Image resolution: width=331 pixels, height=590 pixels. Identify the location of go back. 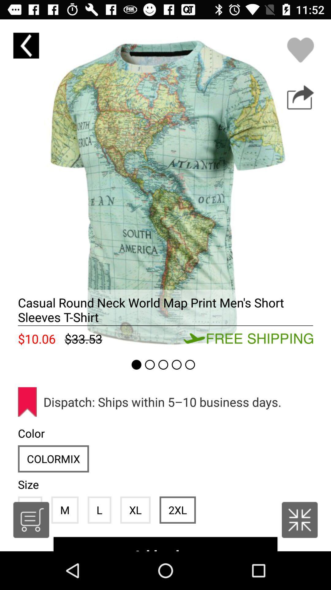
(26, 45).